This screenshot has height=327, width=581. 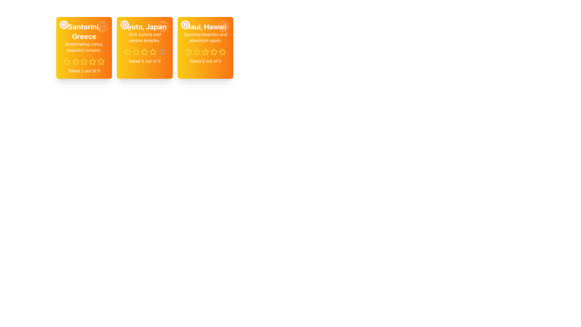 What do you see at coordinates (205, 26) in the screenshot?
I see `text displayed in the prominent Text Label that says 'Maui, Hawaii', which is centrally positioned in the third card of a horizontally aligned set of cards` at bounding box center [205, 26].